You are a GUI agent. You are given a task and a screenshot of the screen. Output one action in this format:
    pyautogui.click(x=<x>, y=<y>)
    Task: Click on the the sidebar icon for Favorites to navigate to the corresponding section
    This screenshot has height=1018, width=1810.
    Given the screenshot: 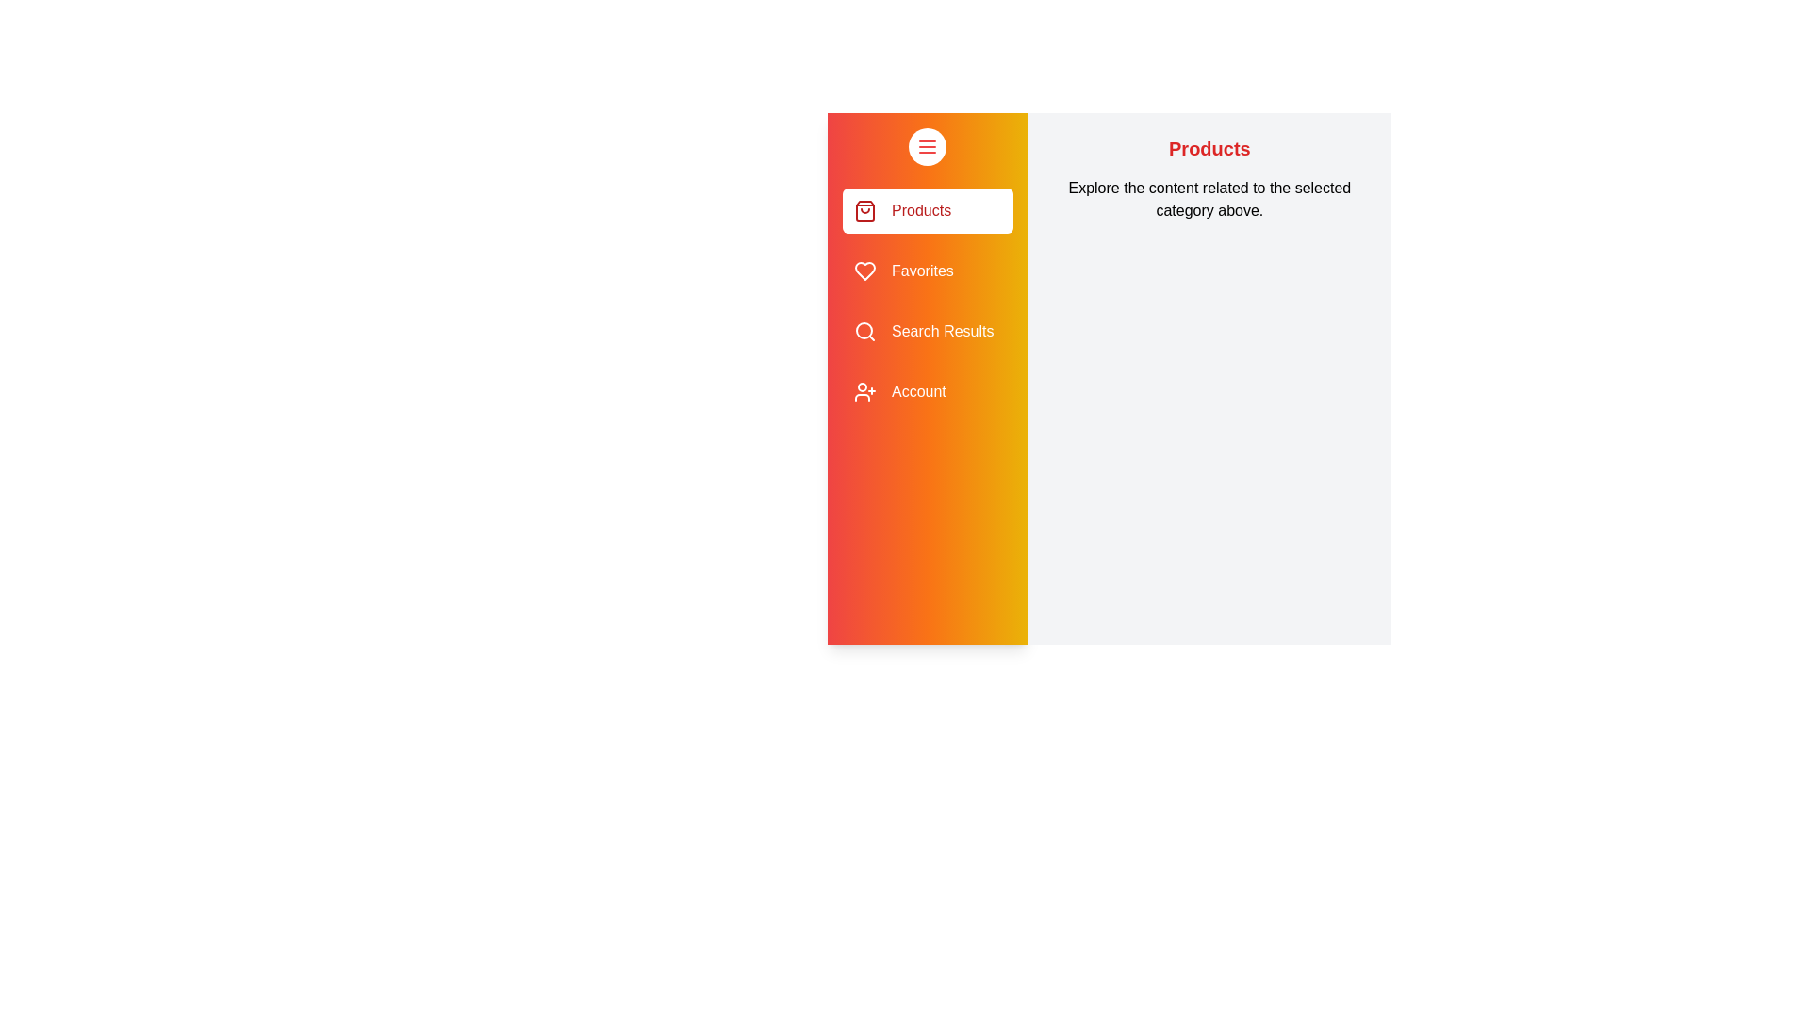 What is the action you would take?
    pyautogui.click(x=864, y=271)
    